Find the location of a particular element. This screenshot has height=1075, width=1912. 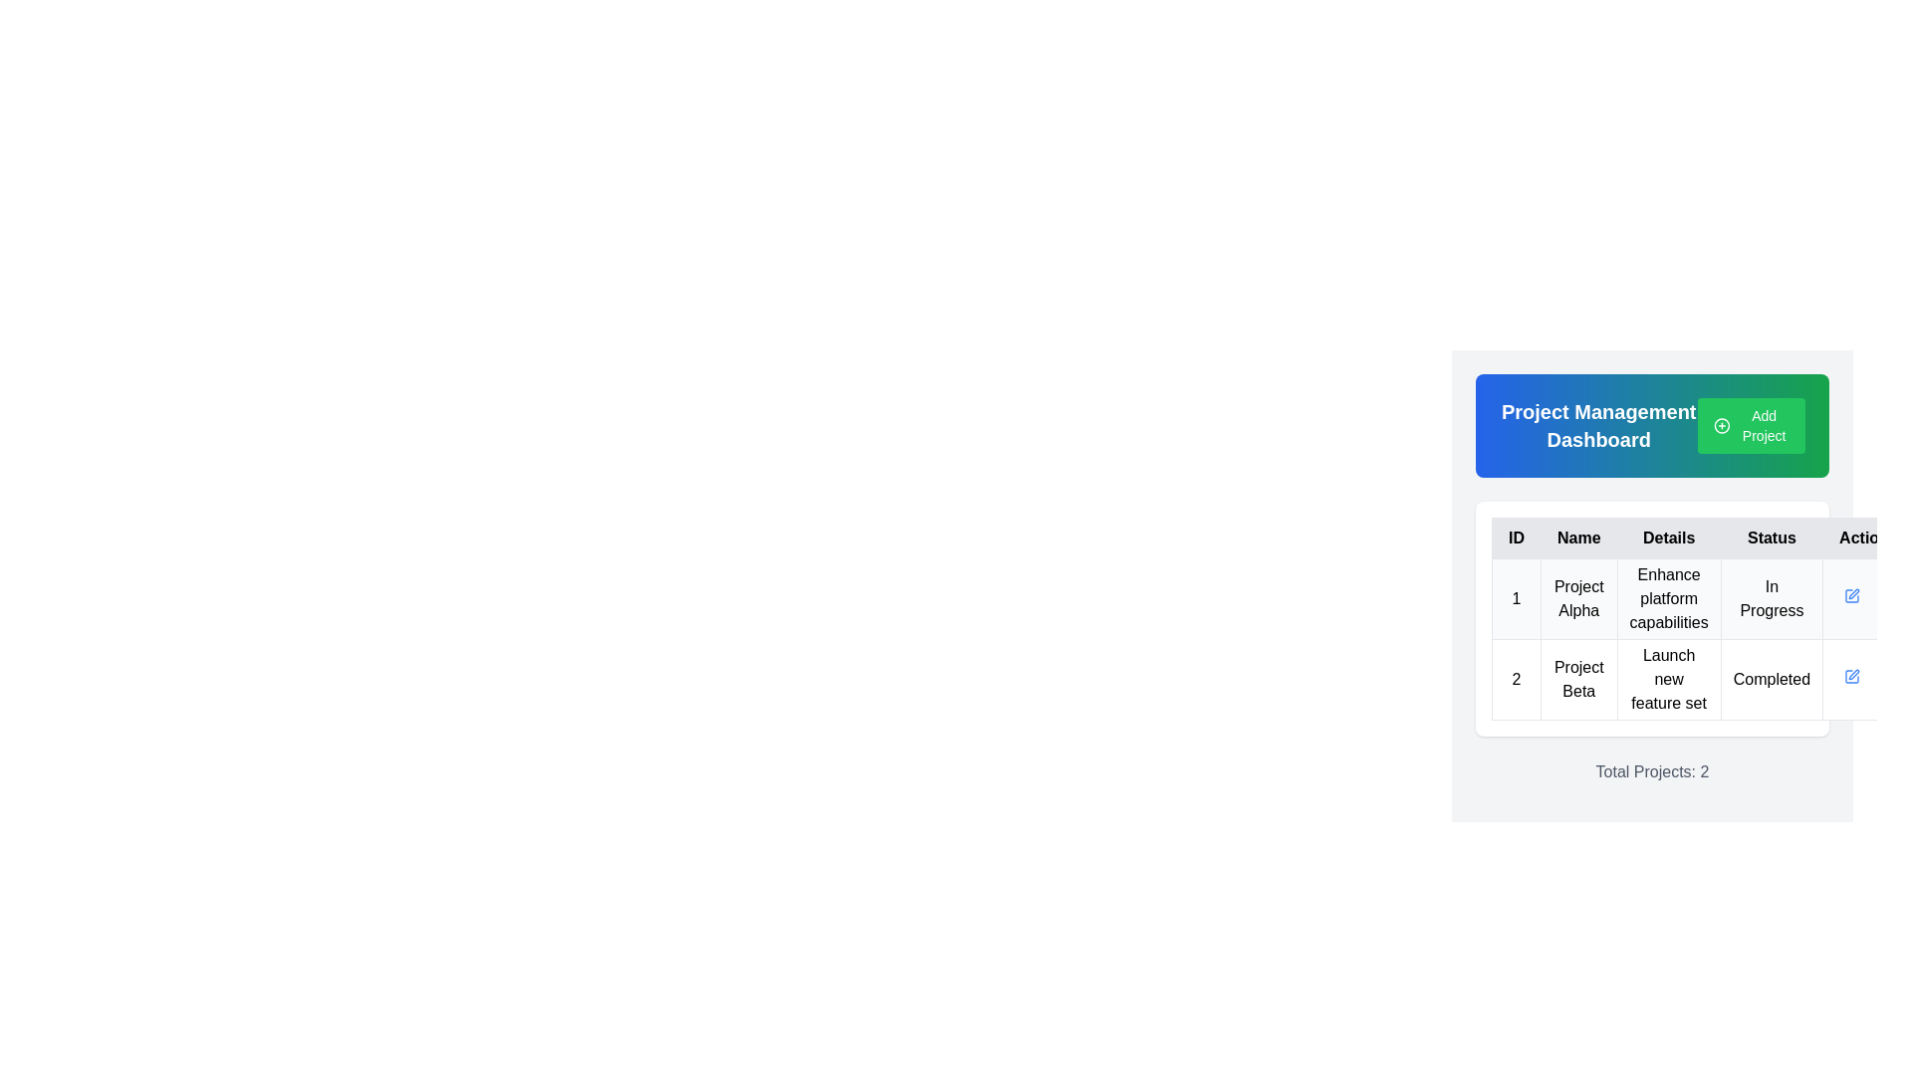

the top left cell of the table displaying the serial number for 'Project Alpha', located directly below the 'ID' header is located at coordinates (1515, 597).